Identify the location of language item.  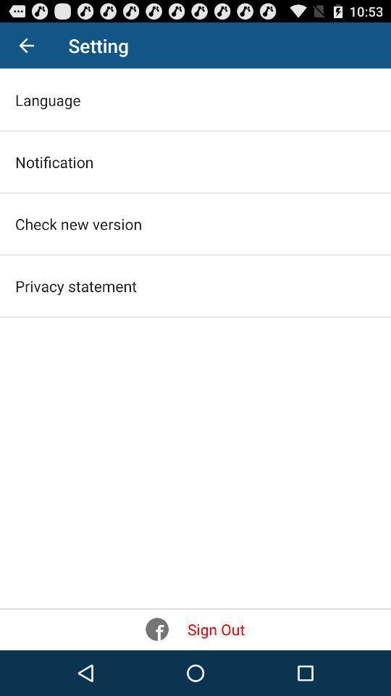
(48, 99).